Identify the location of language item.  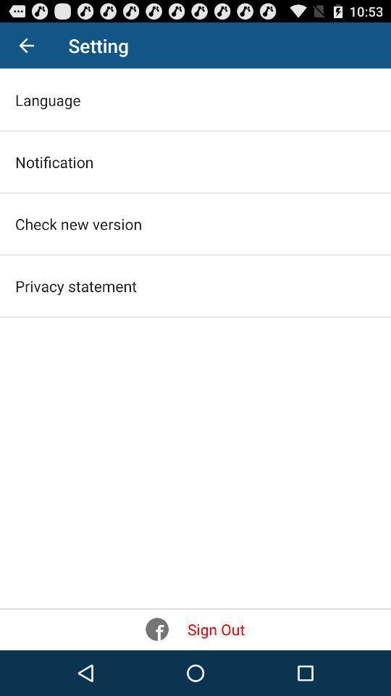
(48, 99).